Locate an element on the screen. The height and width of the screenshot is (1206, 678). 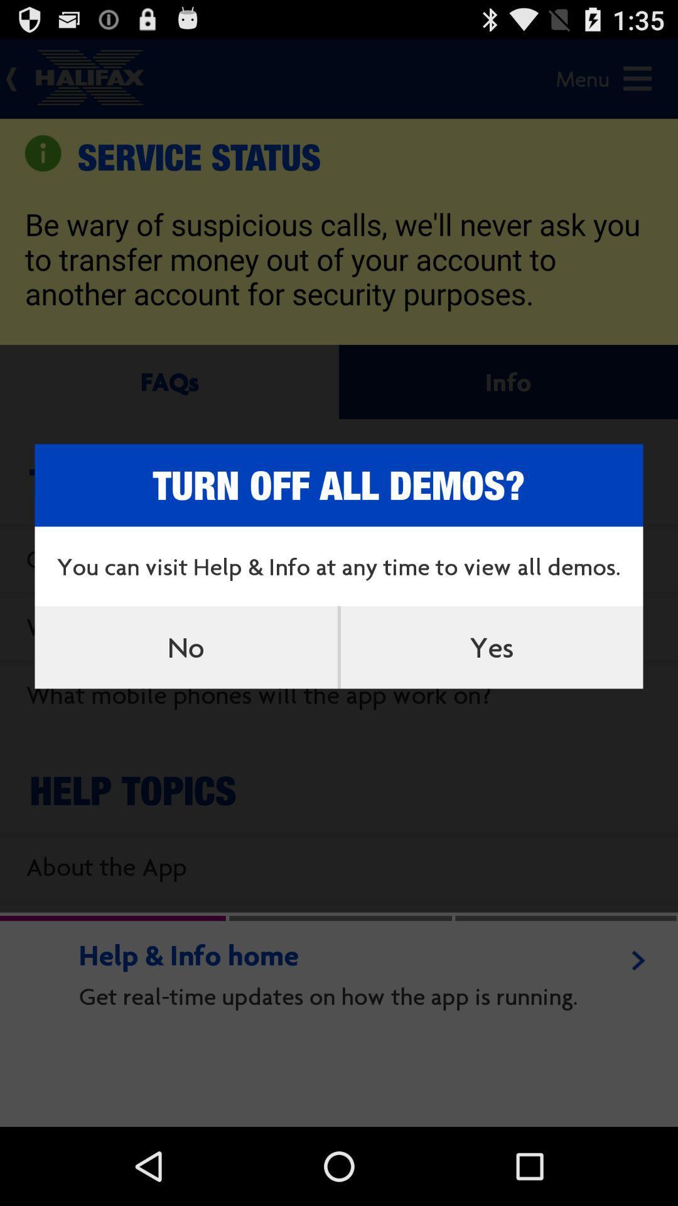
the yes is located at coordinates (491, 647).